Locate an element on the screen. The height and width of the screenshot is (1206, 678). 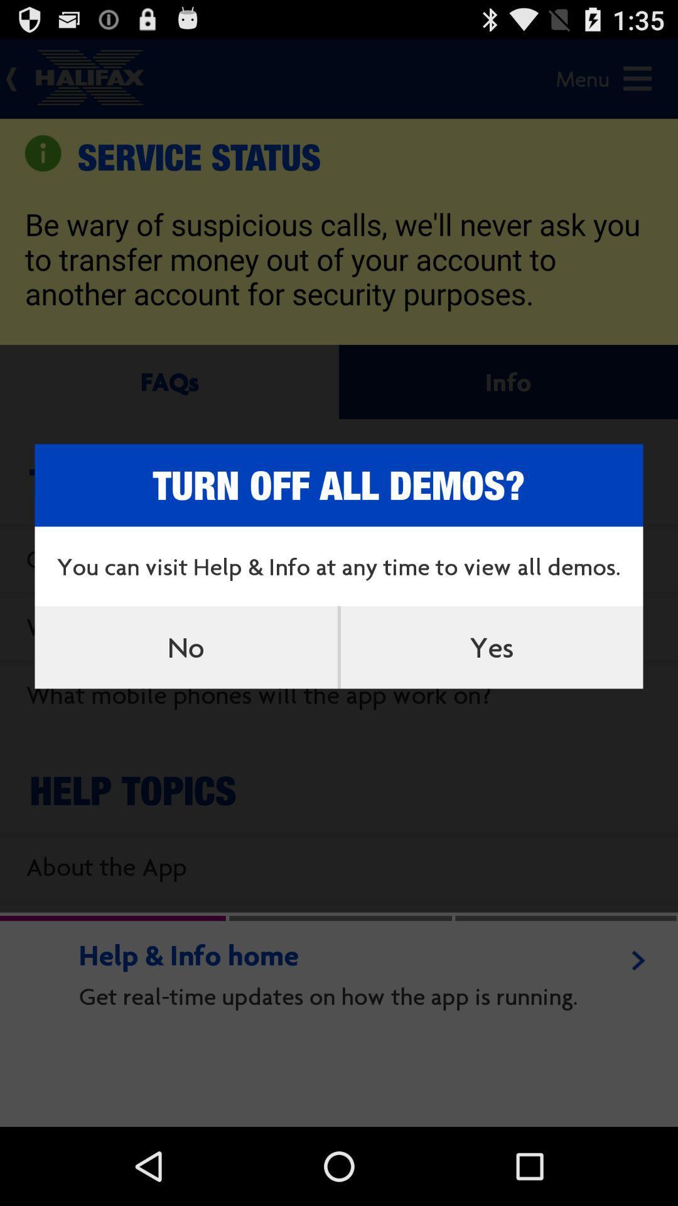
the yes is located at coordinates (491, 647).